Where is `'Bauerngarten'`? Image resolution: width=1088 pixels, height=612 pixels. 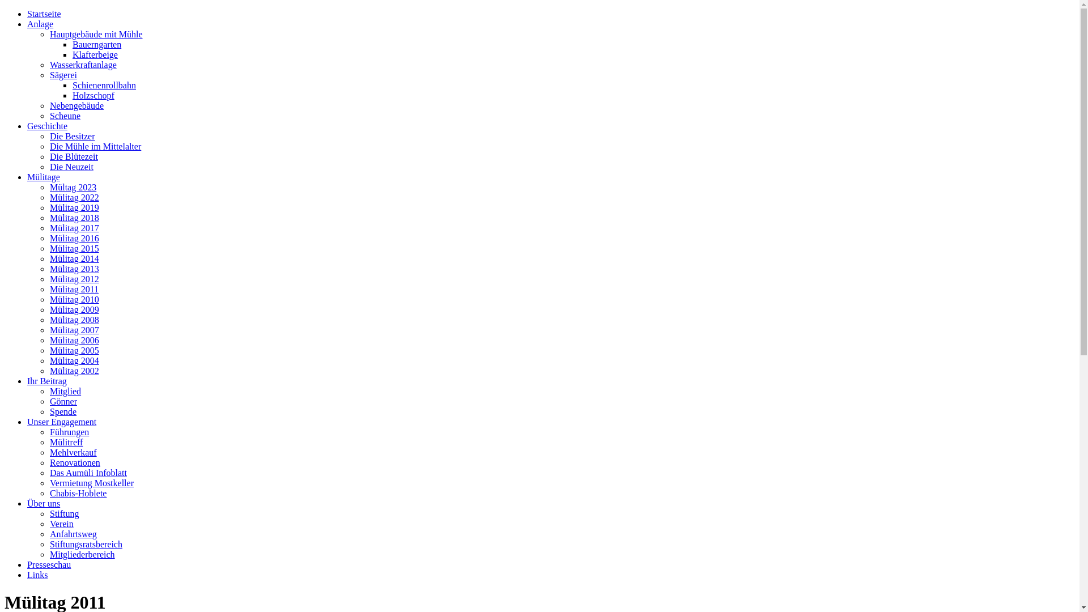 'Bauerngarten' is located at coordinates (97, 44).